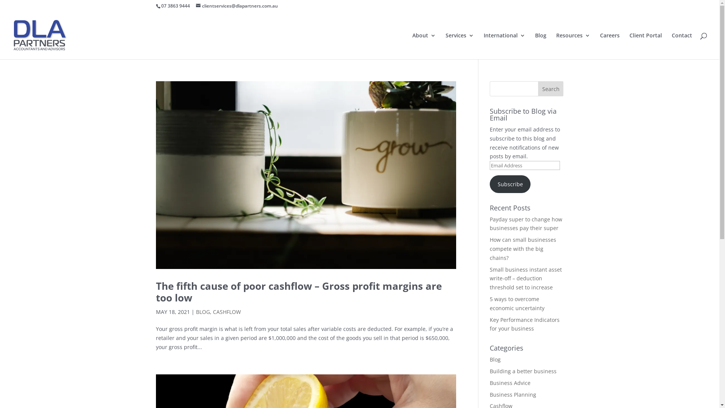  Describe the element at coordinates (523, 249) in the screenshot. I see `'How can small businesses compete with the big chains?'` at that location.